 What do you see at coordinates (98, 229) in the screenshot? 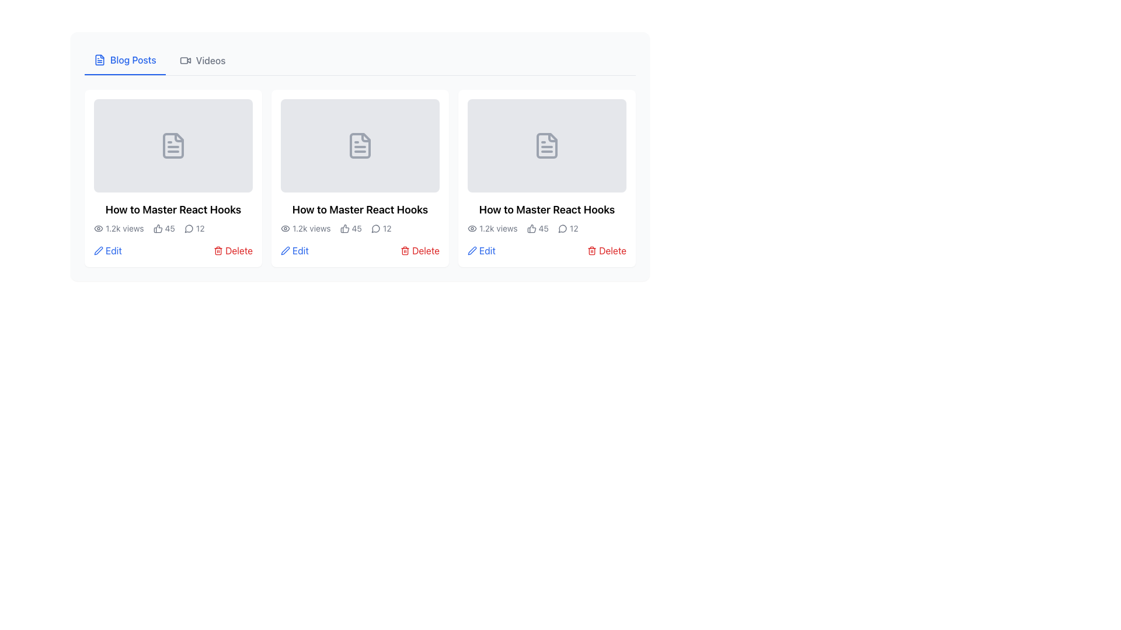
I see `the views indicator icon located beneath the title 'How to Master React Hooks', positioned to the left of the '45' likes value` at bounding box center [98, 229].